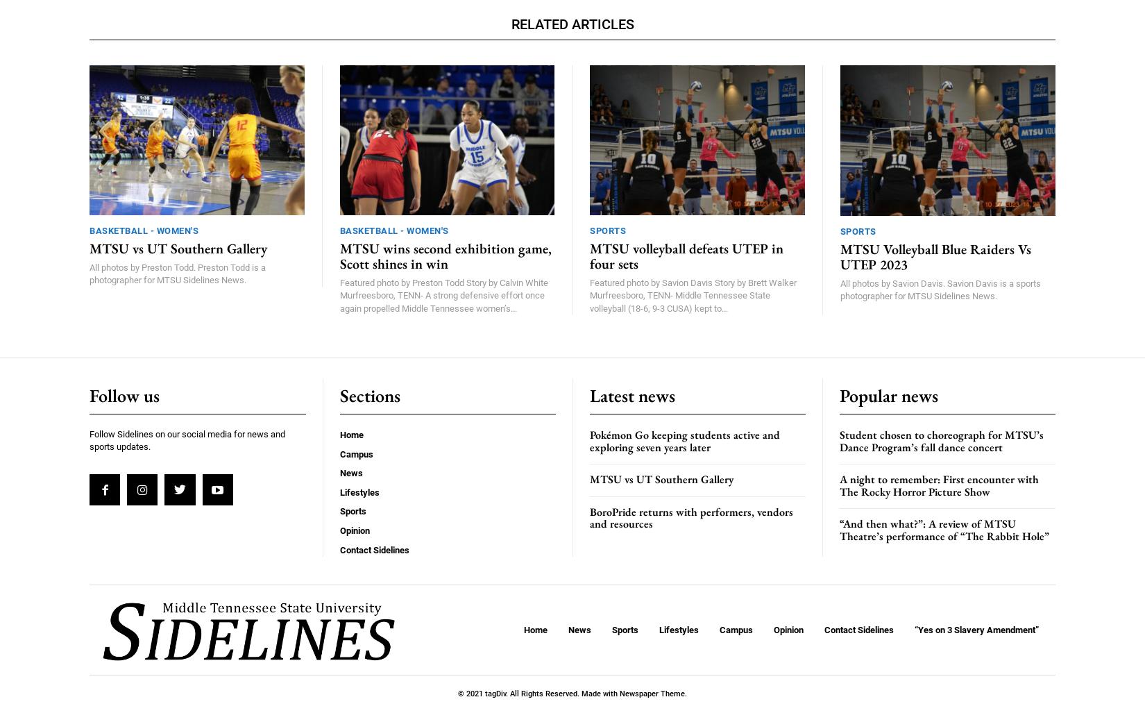  What do you see at coordinates (691, 517) in the screenshot?
I see `'BoroPride returns with performers, vendors and resources'` at bounding box center [691, 517].